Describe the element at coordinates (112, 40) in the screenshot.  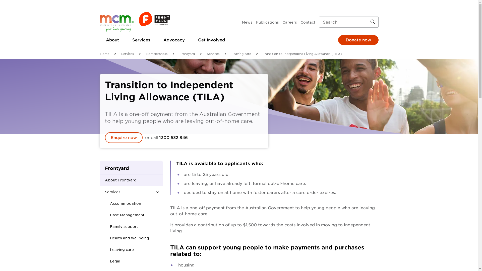
I see `'About'` at that location.